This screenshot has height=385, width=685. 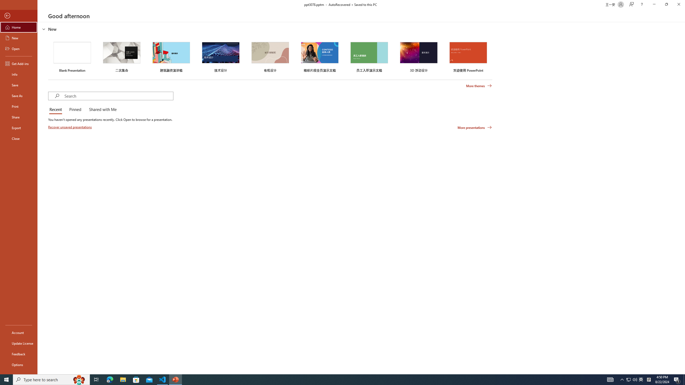 I want to click on 'More presentations', so click(x=474, y=127).